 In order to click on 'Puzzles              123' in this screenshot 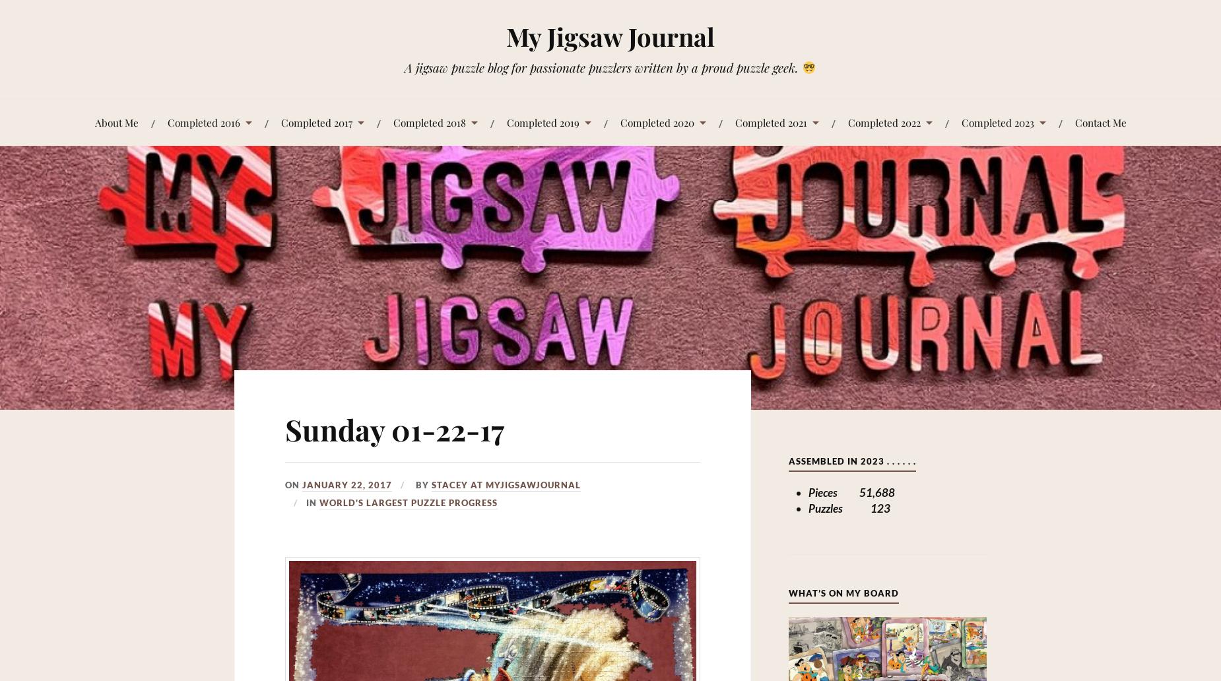, I will do `click(847, 507)`.